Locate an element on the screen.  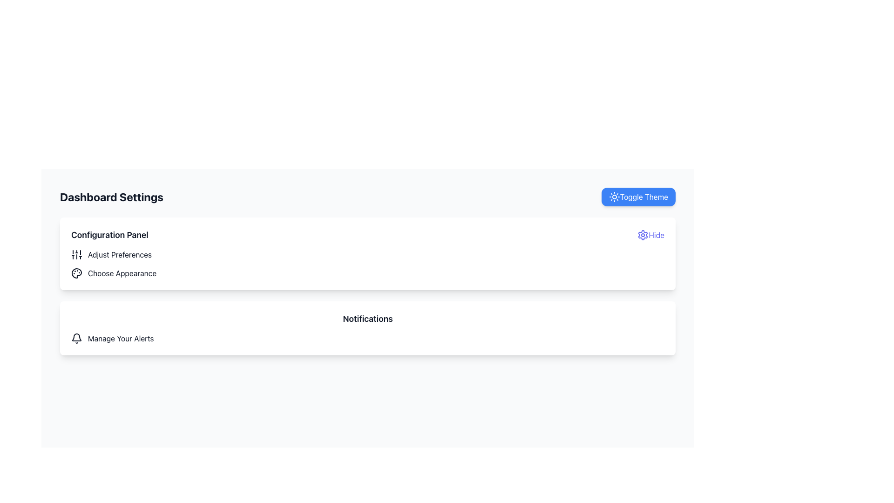
the text label 'Manage Your Alerts' which is aligned horizontally with a bell icon to its left, located in the 'Notifications' section below the 'Configuration Panel.' is located at coordinates (120, 338).